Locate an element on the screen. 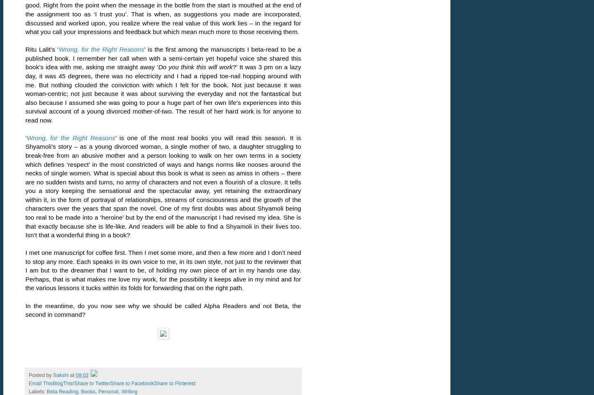  'Do you think this will work' is located at coordinates (194, 66).